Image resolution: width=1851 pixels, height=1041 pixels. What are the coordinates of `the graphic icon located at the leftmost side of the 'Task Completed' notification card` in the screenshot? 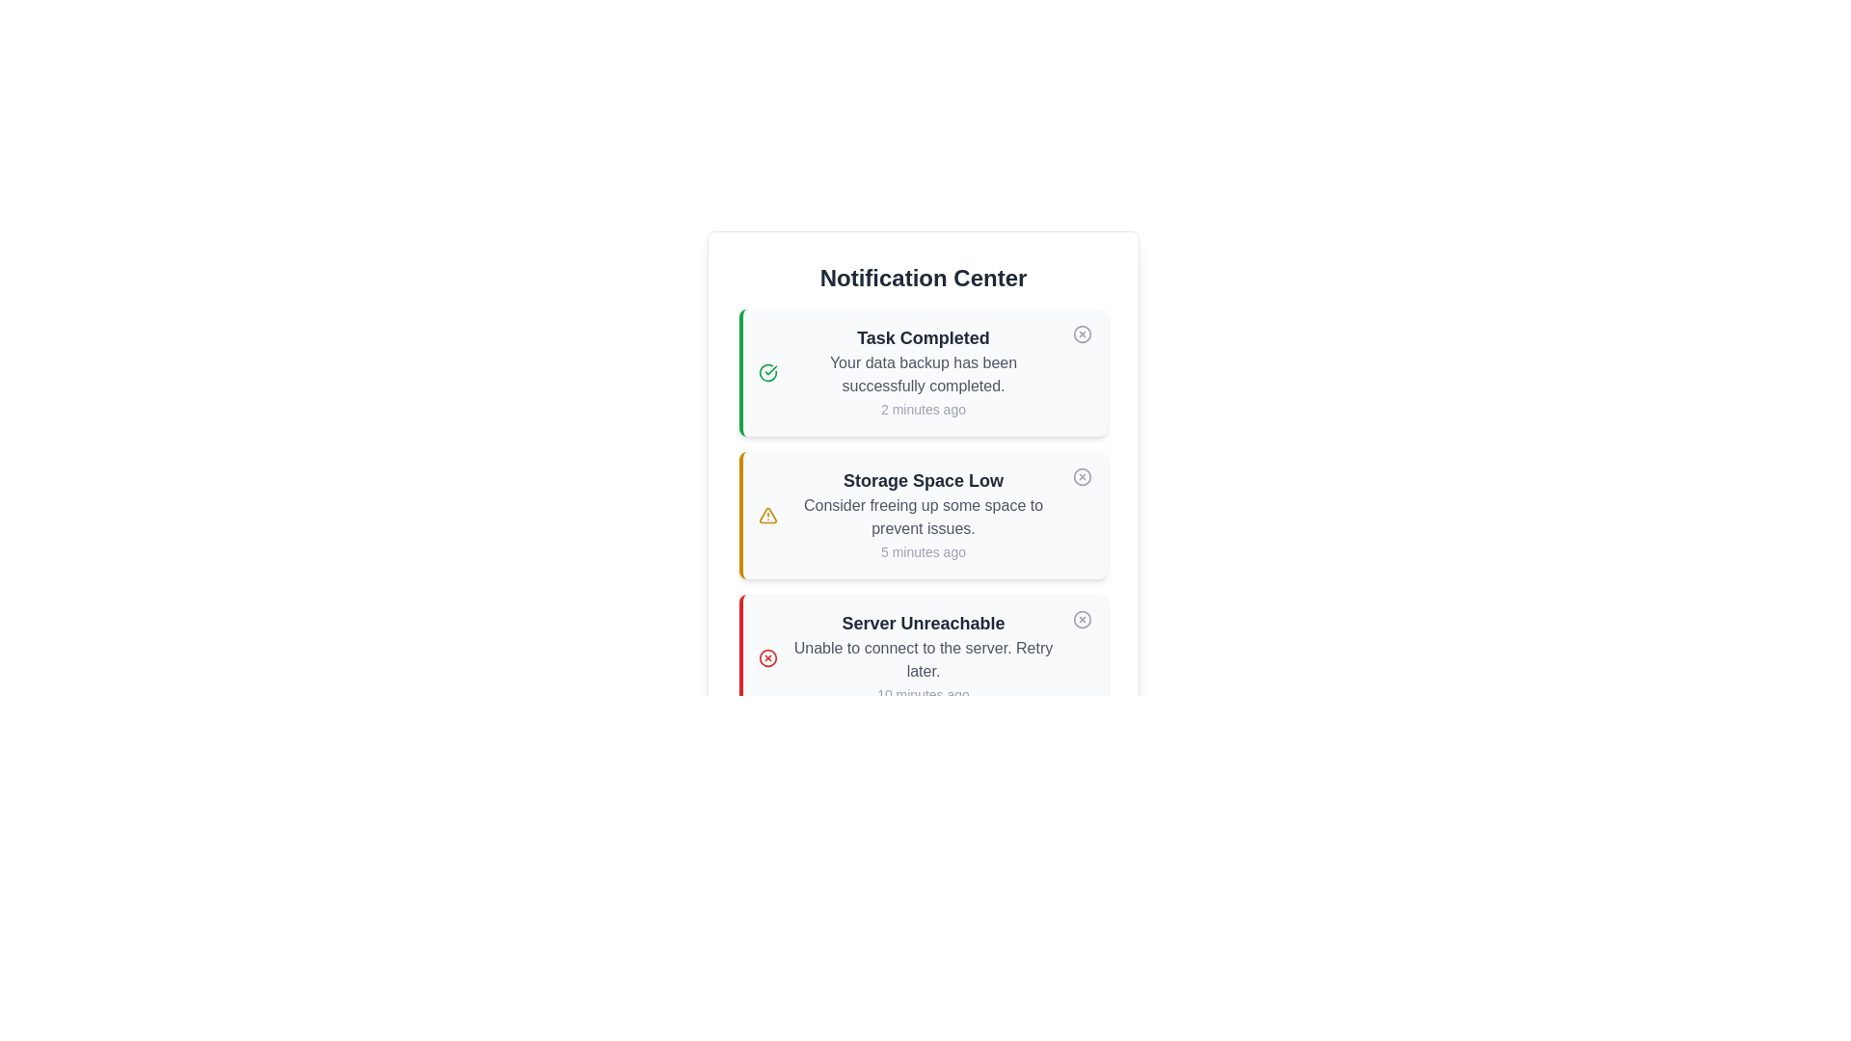 It's located at (766, 372).